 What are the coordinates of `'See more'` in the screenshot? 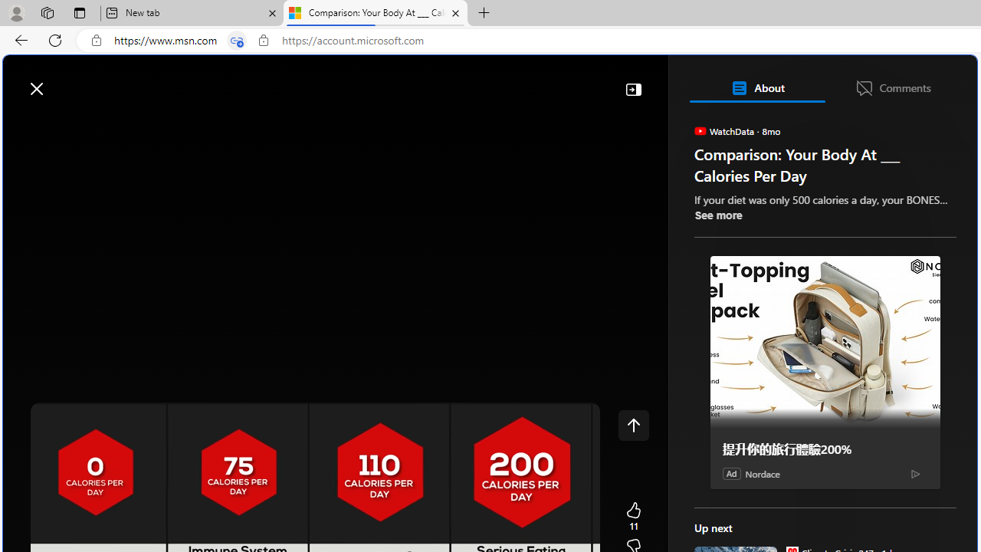 It's located at (717, 215).